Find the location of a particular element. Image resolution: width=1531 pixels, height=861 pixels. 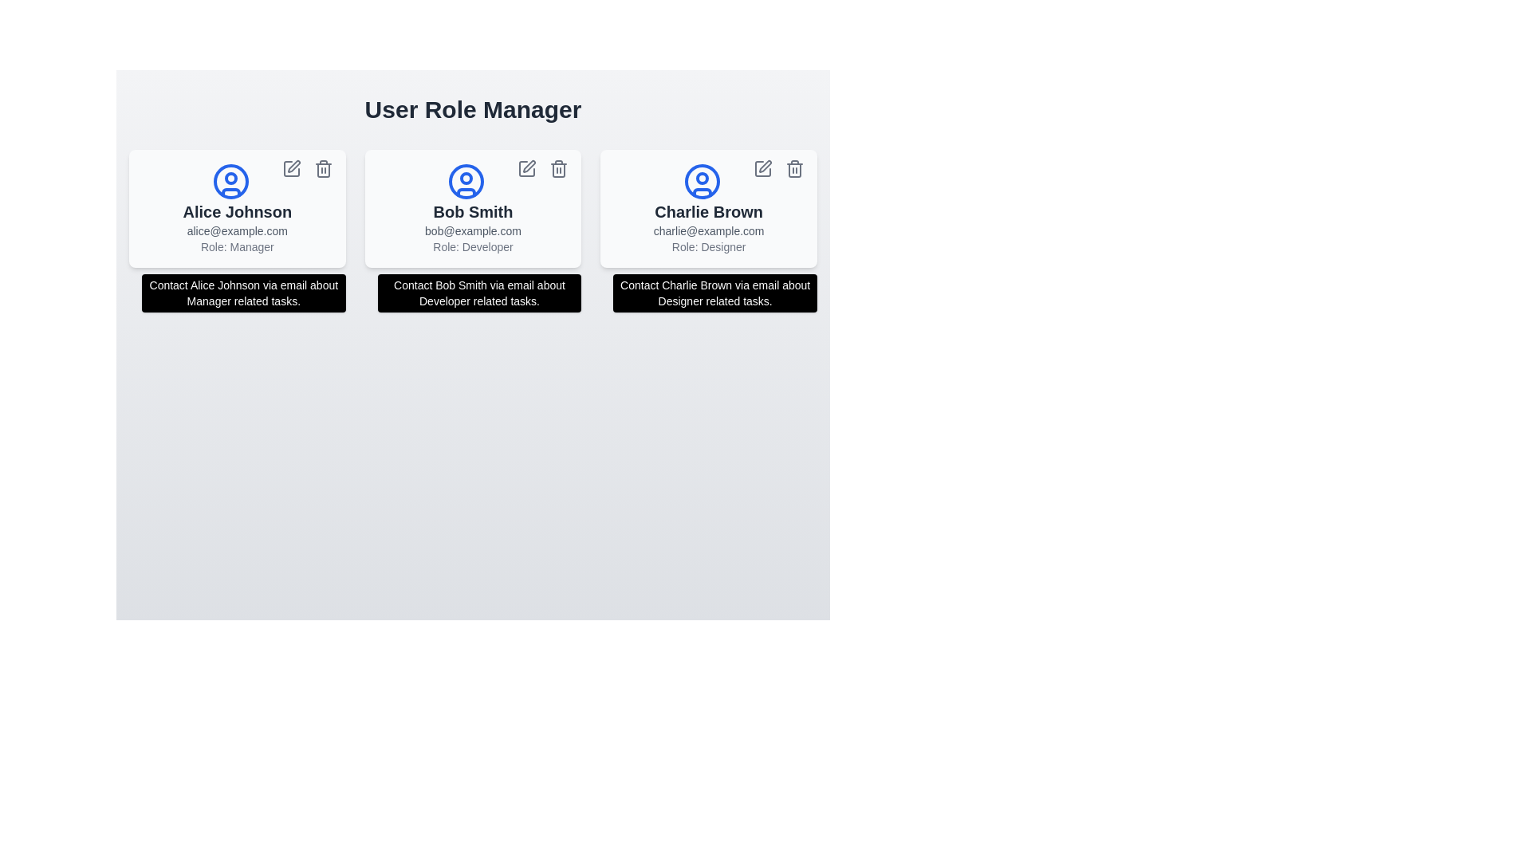

Tooltip-like information box that suggests contacting Alice Johnson via email for Manager-related tasks, located directly below her card in the User Role Manager grid layout is located at coordinates (242, 293).